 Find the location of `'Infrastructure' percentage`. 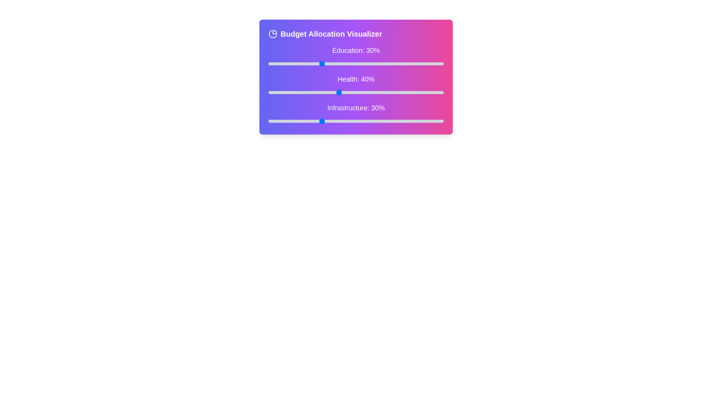

'Infrastructure' percentage is located at coordinates (322, 121).